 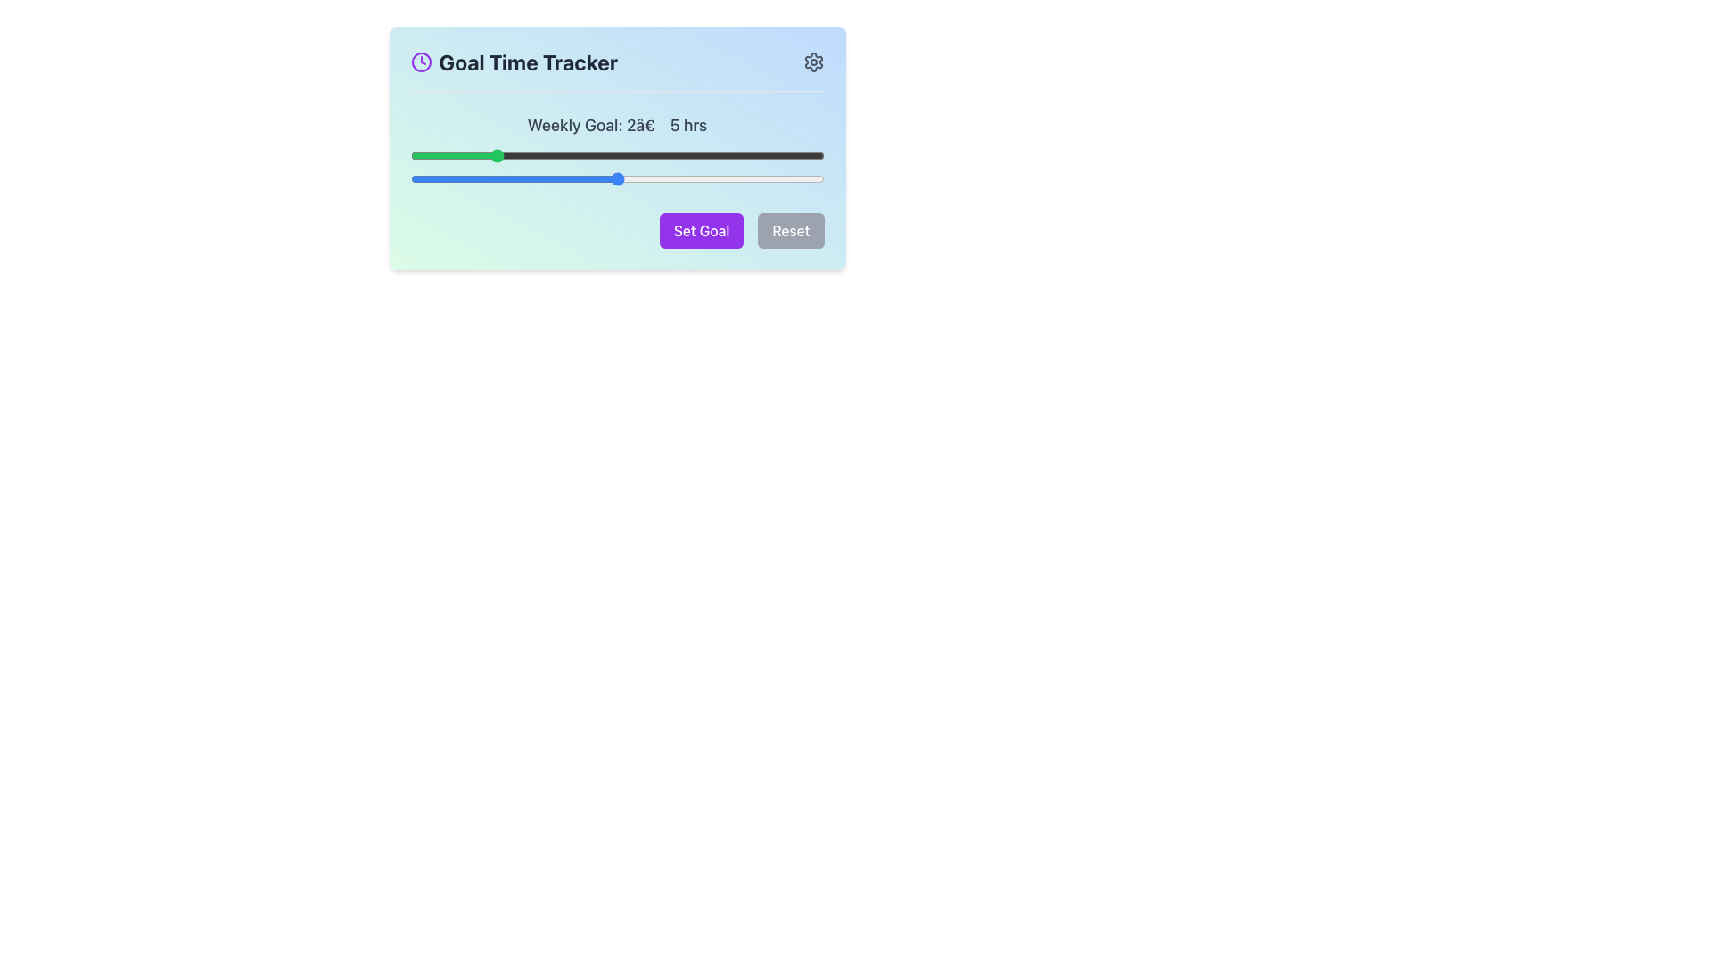 What do you see at coordinates (409, 154) in the screenshot?
I see `the time slider` at bounding box center [409, 154].